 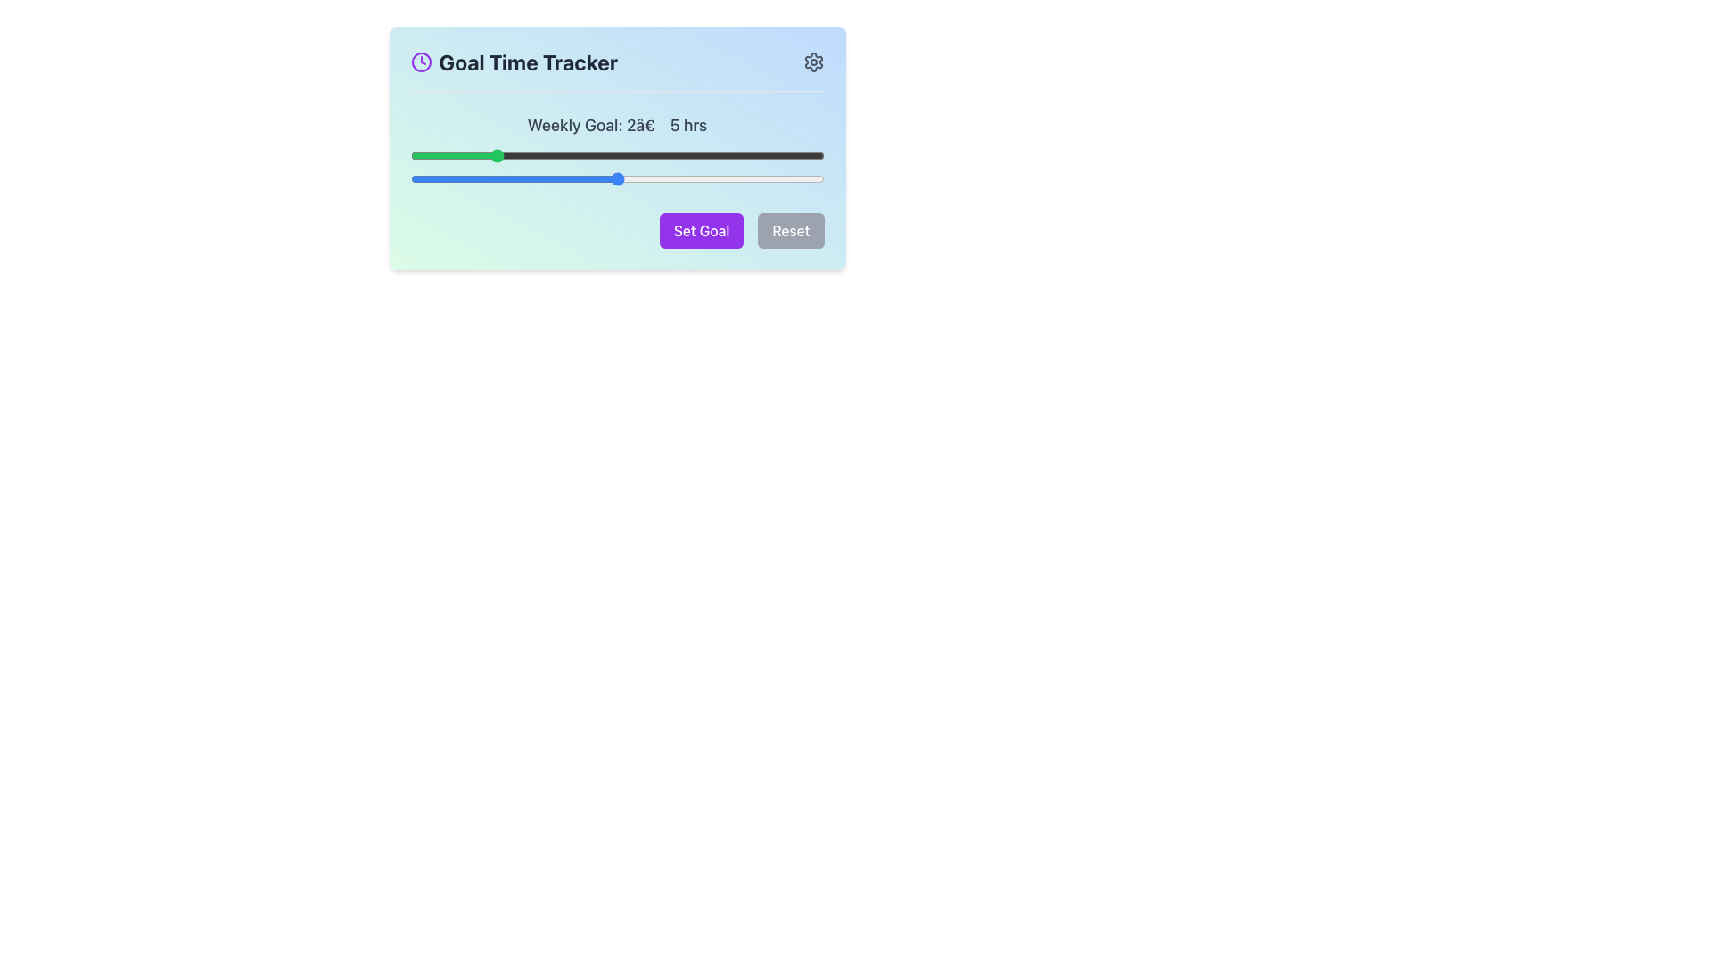 What do you see at coordinates (409, 154) in the screenshot?
I see `the time slider` at bounding box center [409, 154].